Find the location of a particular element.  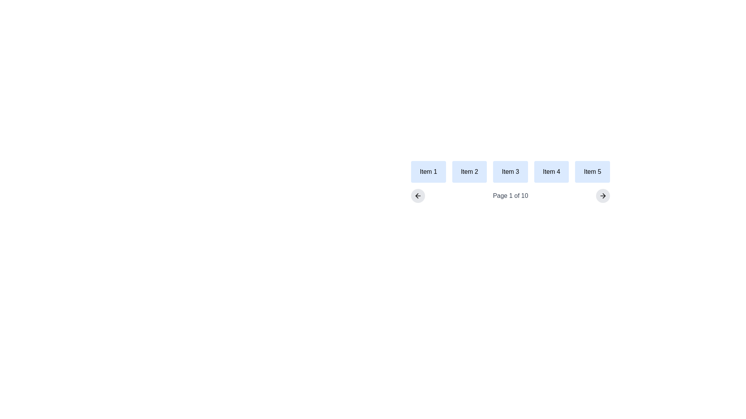

the leftward-pointing arrow icon, which is outlined and located in the lower left side of the navigation bar, before the numbered items and pagination text is located at coordinates (417, 196).